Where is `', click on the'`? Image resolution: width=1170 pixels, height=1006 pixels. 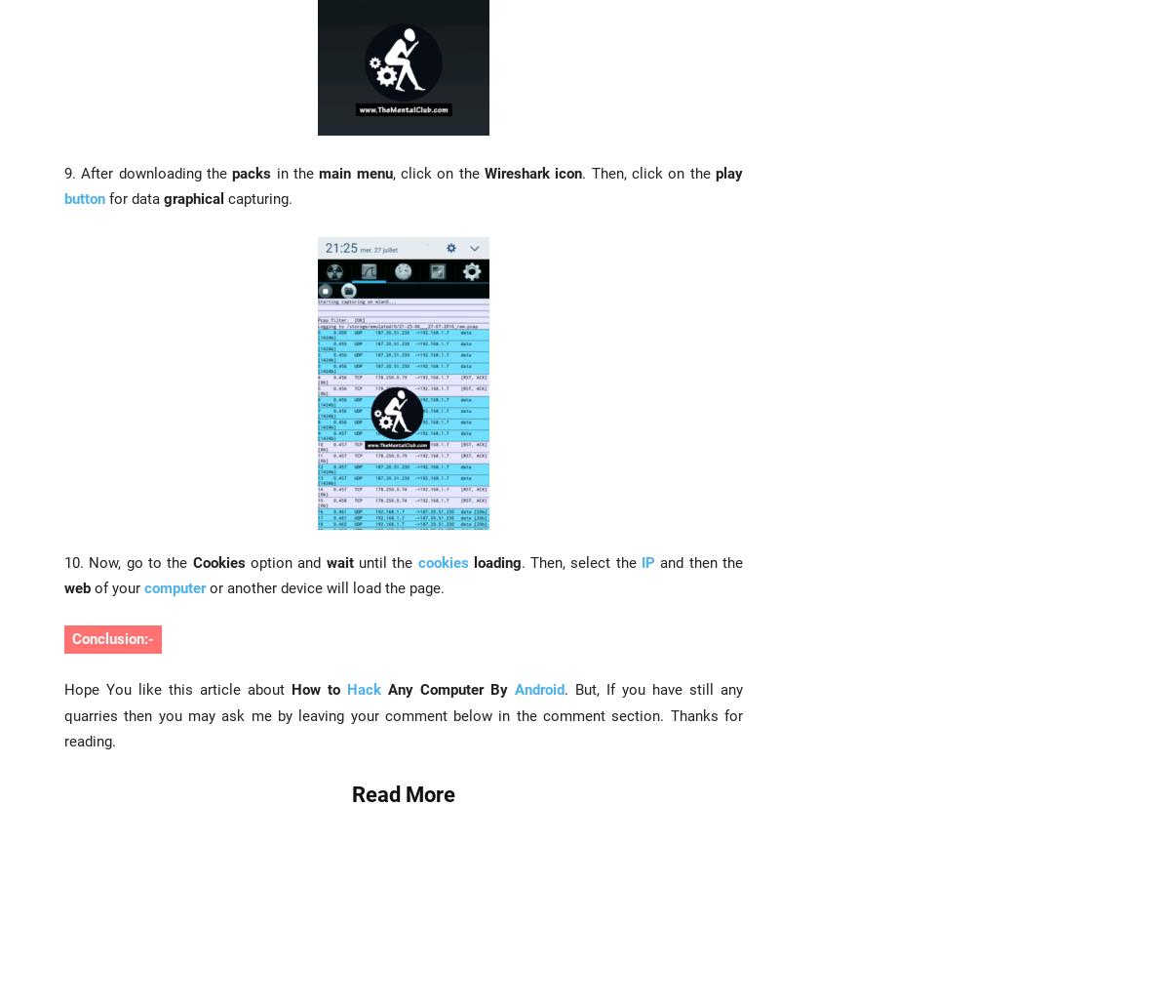
', click on the' is located at coordinates (438, 172).